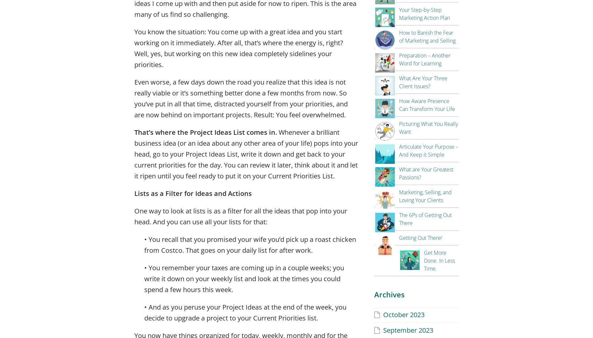 This screenshot has width=593, height=338. Describe the element at coordinates (383, 329) in the screenshot. I see `'September 2023'` at that location.